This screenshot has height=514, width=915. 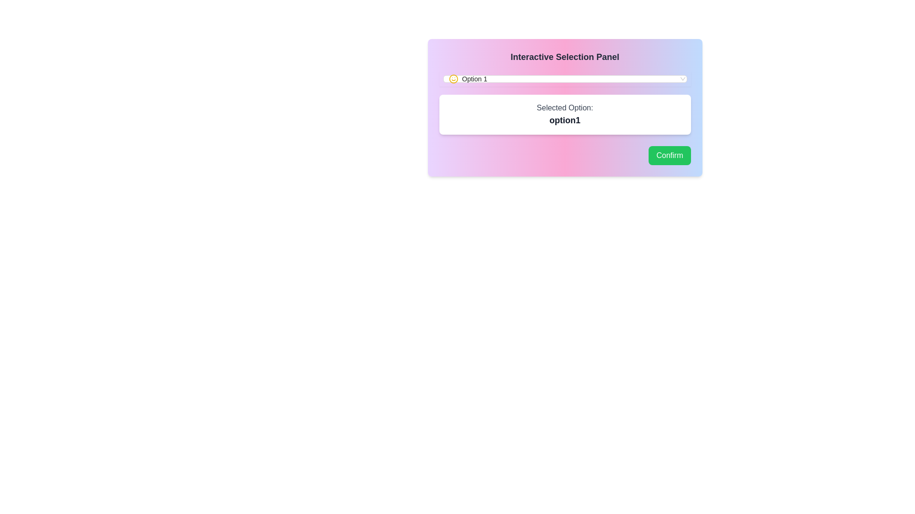 I want to click on the circular shape with a yellow stroke that is part of the smiley face icon located on the left side of the 'Option 1' drop-down menu, so click(x=453, y=78).